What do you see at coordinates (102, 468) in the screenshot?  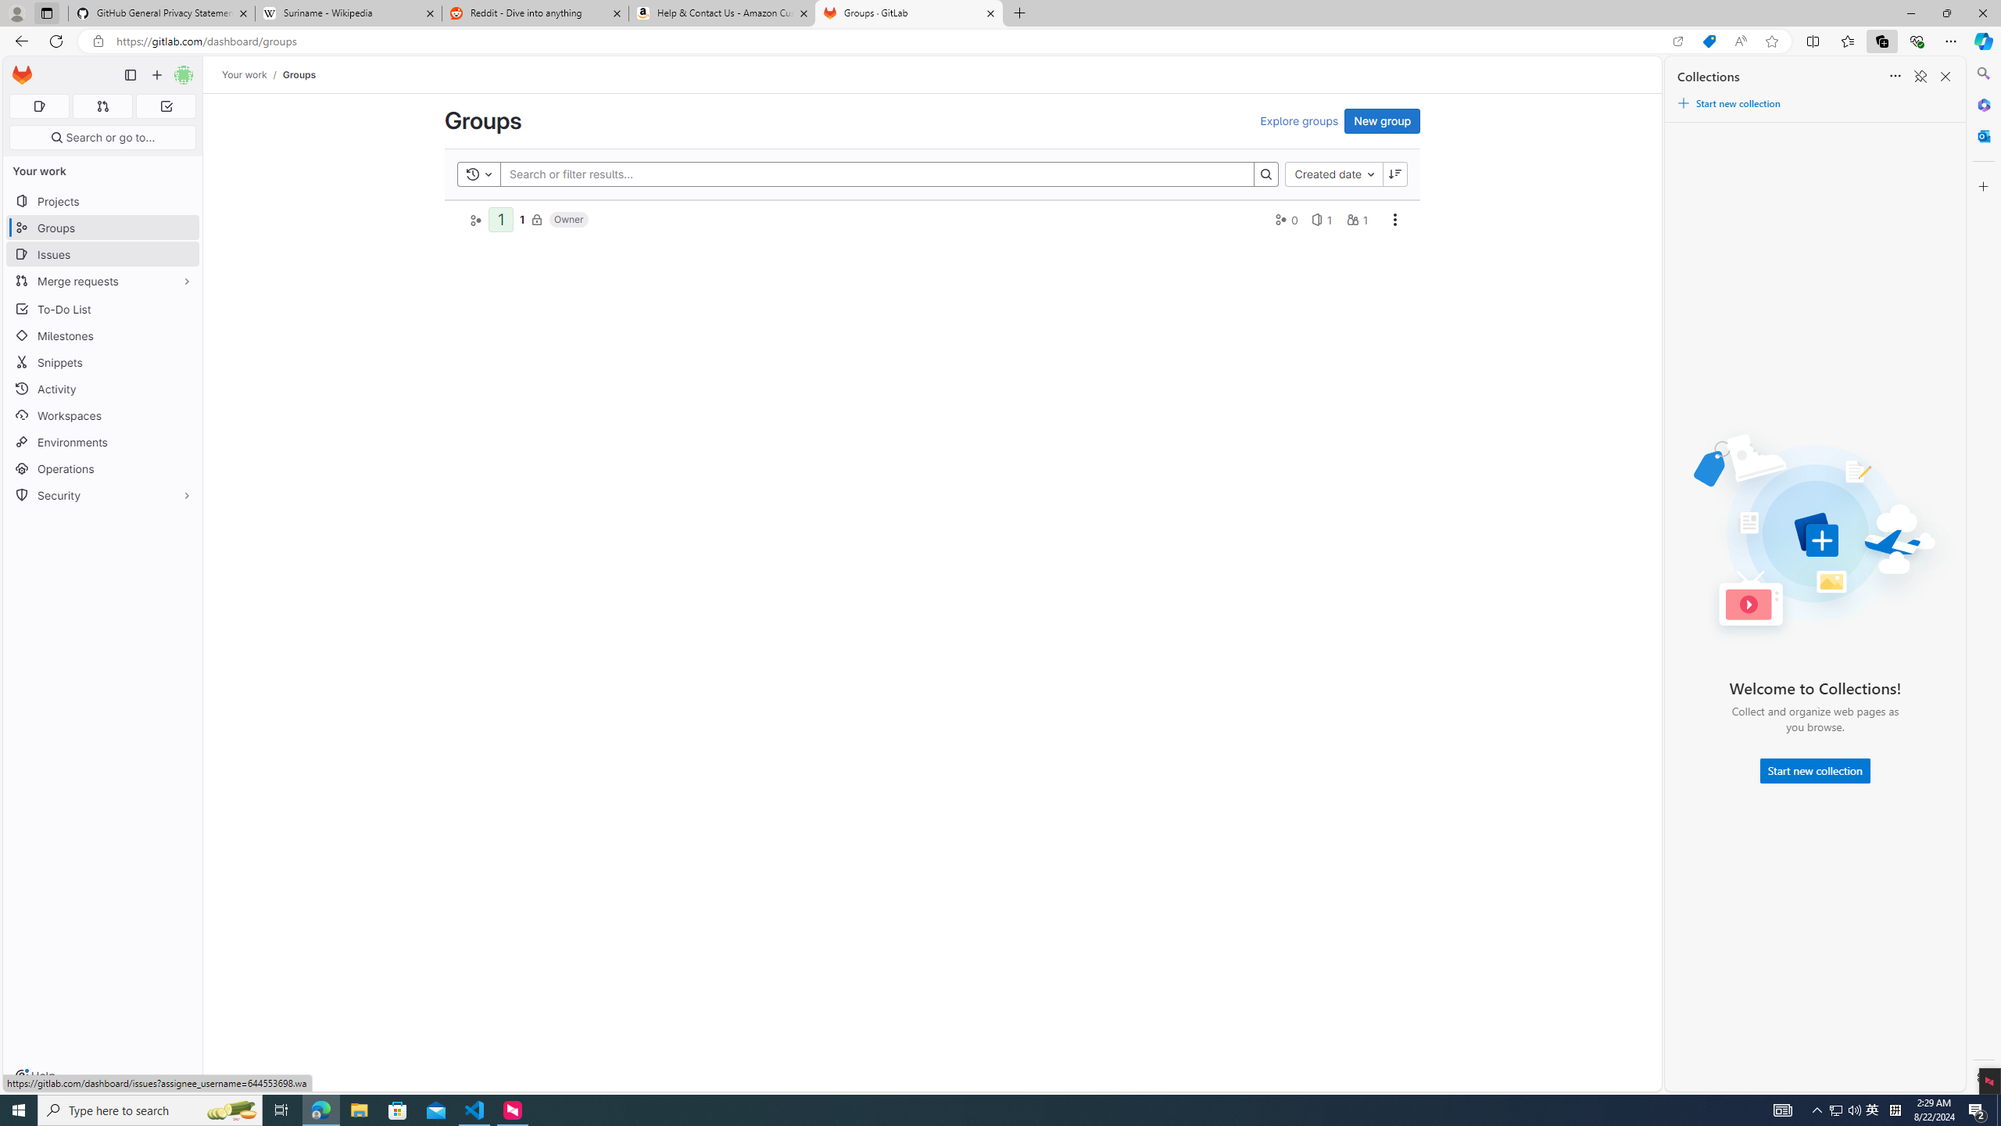 I see `'Operations'` at bounding box center [102, 468].